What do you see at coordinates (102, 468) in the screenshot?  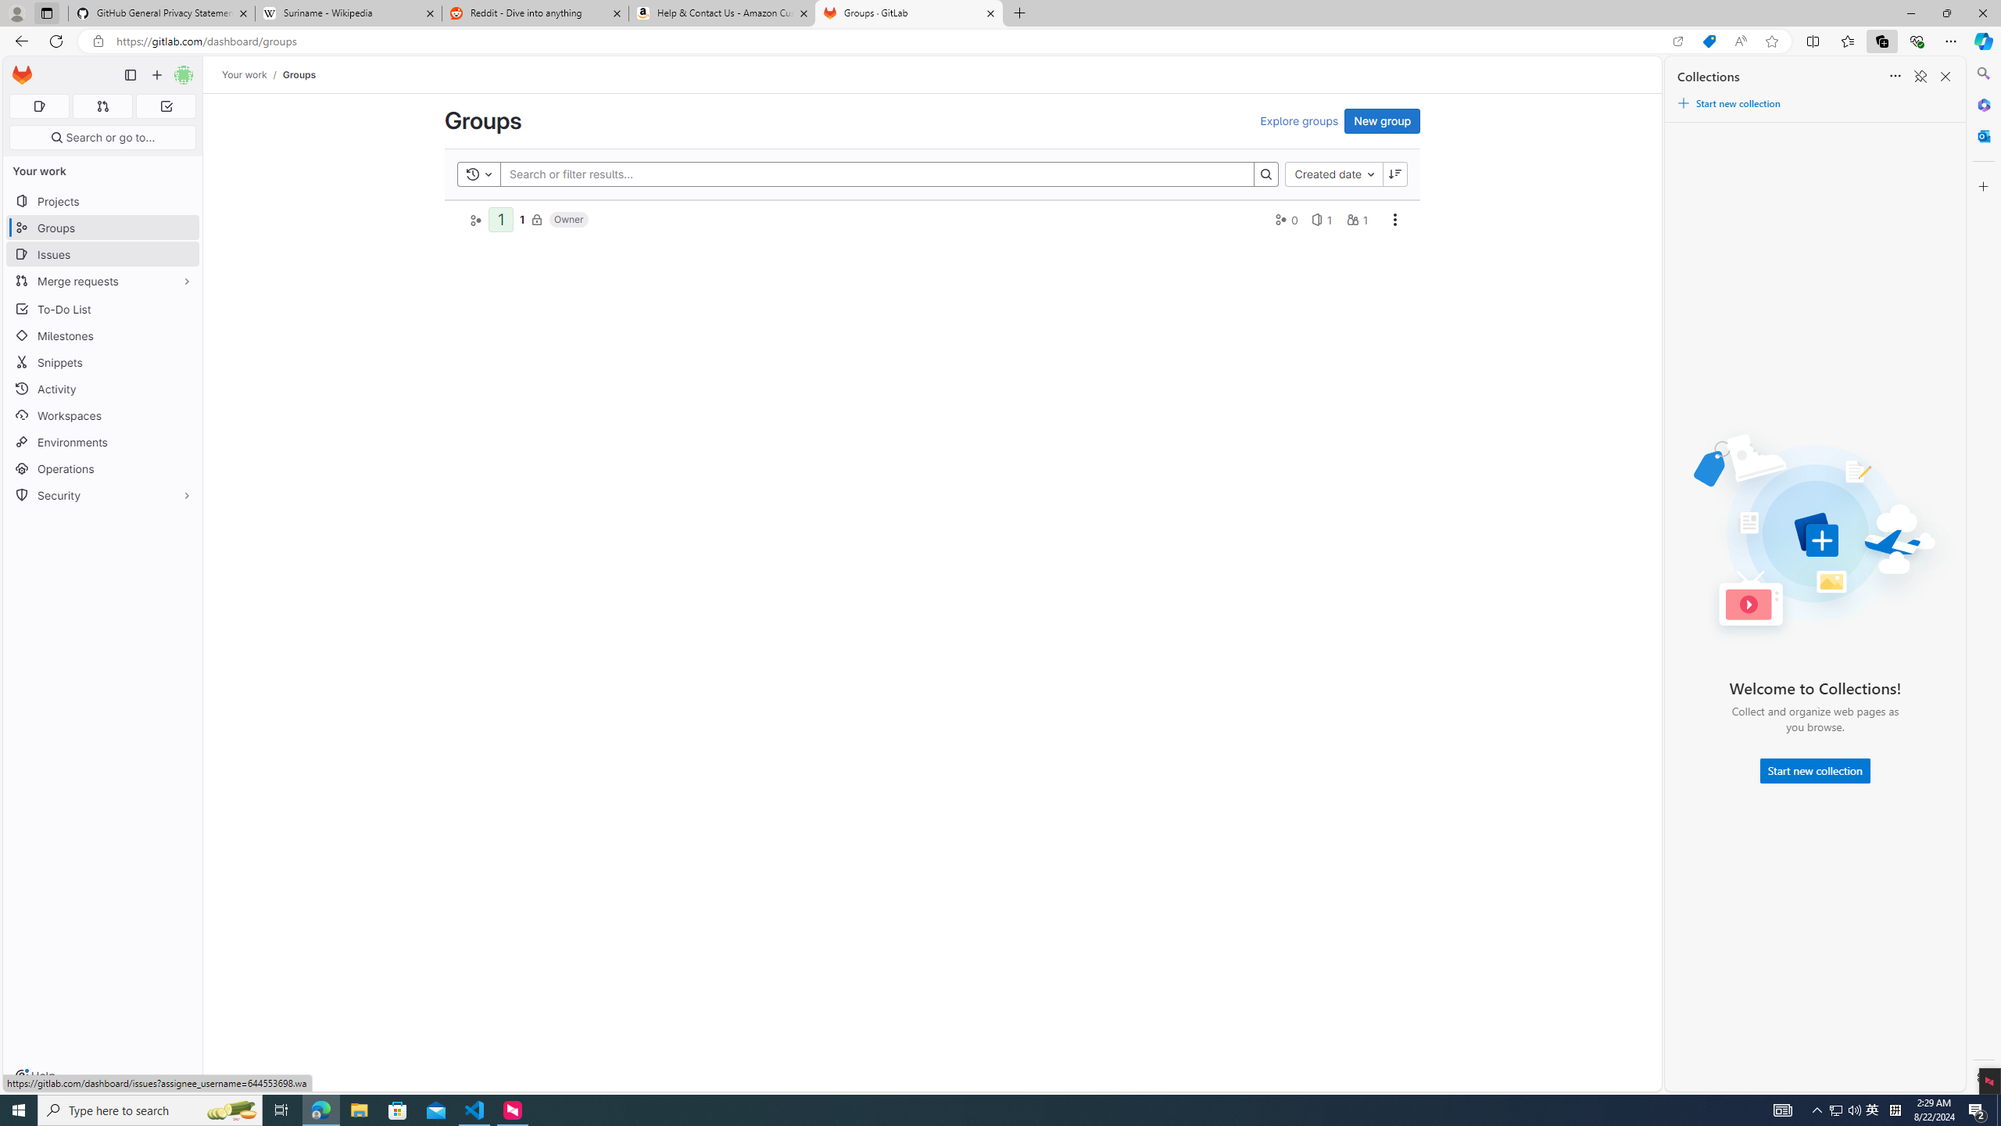 I see `'Operations'` at bounding box center [102, 468].